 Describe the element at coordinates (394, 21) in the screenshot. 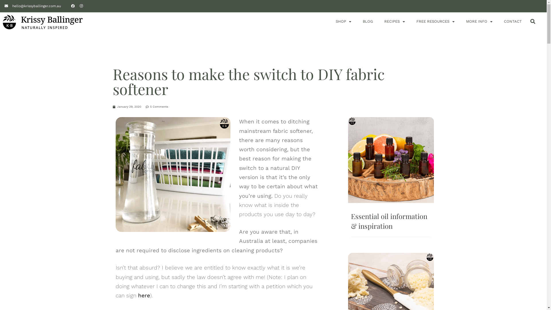

I see `'RECIPES'` at that location.